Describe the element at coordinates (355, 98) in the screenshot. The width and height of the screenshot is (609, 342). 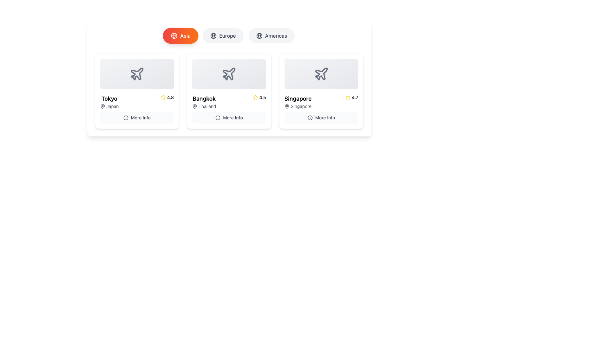
I see `the static text label displaying the numerical value '4.7', located to the right of the star icon under the 'Singapore' card in the list of destination cards` at that location.